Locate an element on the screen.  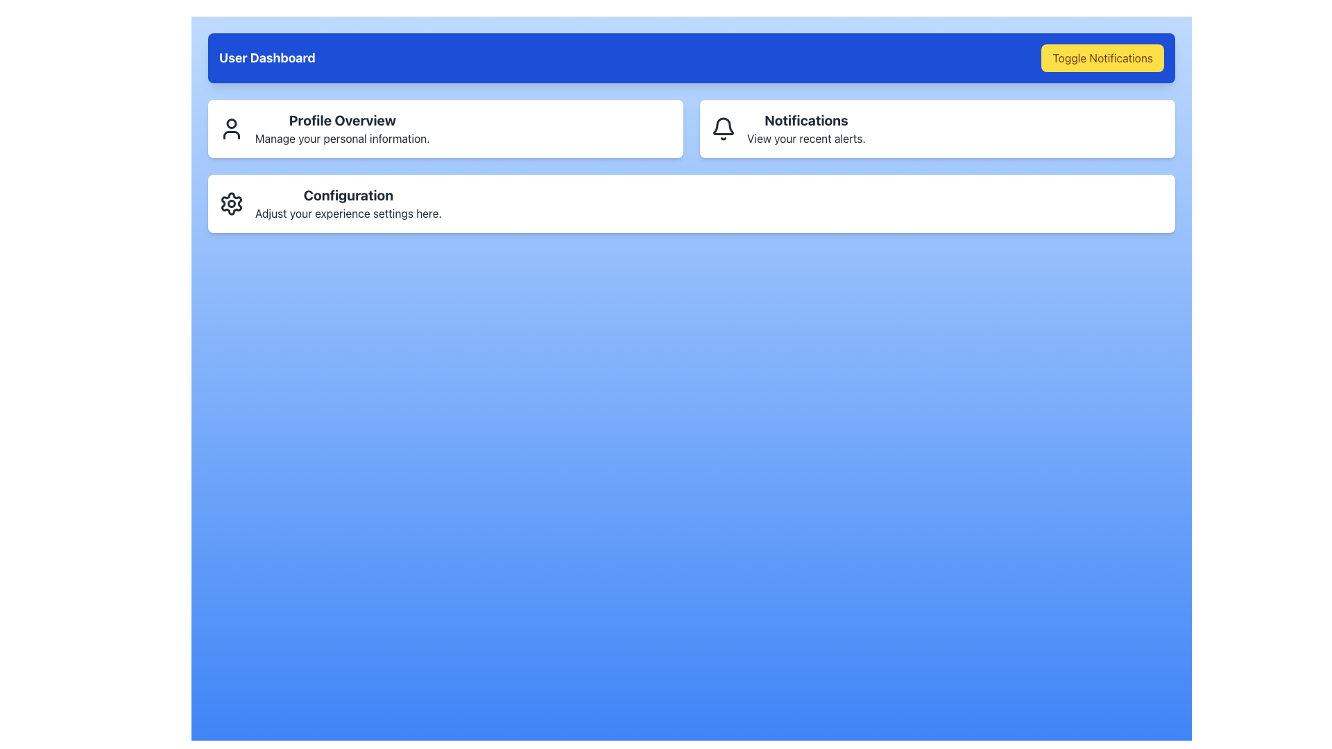
the 'Configuration' icon located to the left of the text 'Adjust your experience settings here' in the settings section of the interface is located at coordinates (232, 203).